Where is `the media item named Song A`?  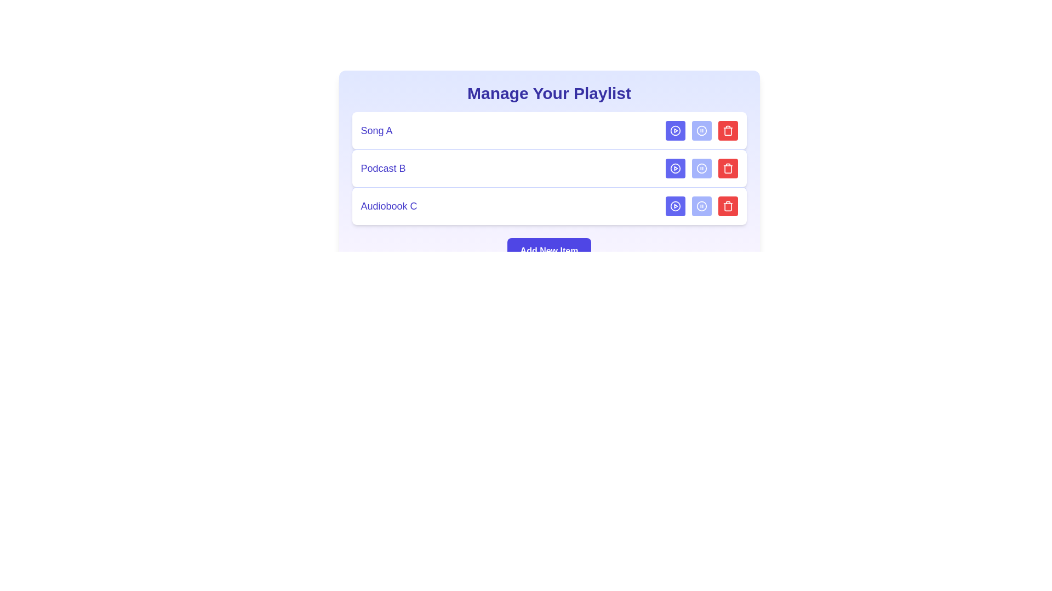 the media item named Song A is located at coordinates (549, 130).